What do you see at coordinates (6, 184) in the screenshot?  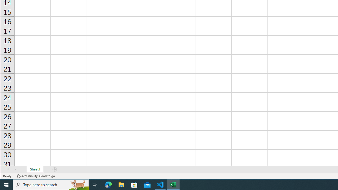 I see `'Start'` at bounding box center [6, 184].